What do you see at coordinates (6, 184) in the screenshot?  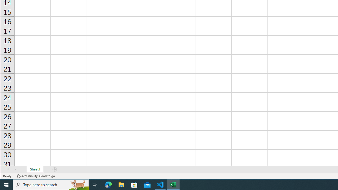 I see `'Start'` at bounding box center [6, 184].